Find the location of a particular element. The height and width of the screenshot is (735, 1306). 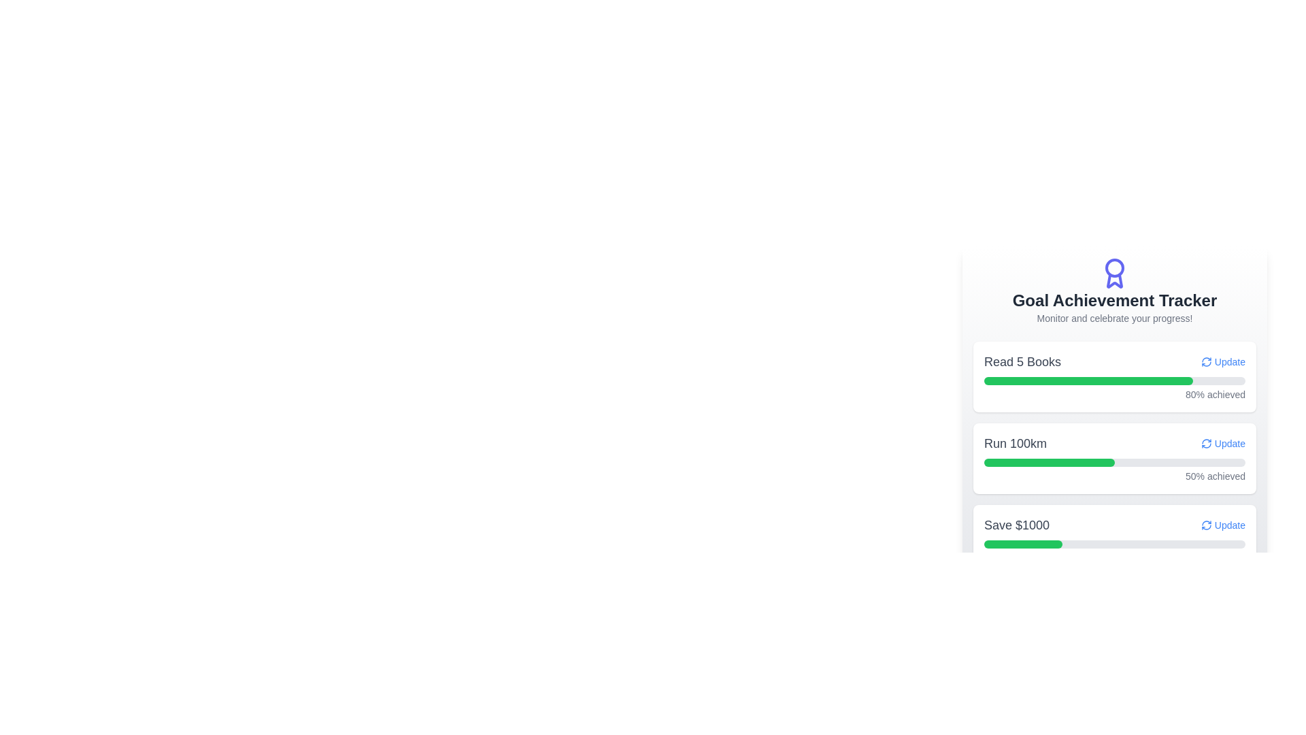

the circular vector graphic element with a blue border and white interior located at the top center of the 'Goal Achievement Tracker' content card is located at coordinates (1114, 267).